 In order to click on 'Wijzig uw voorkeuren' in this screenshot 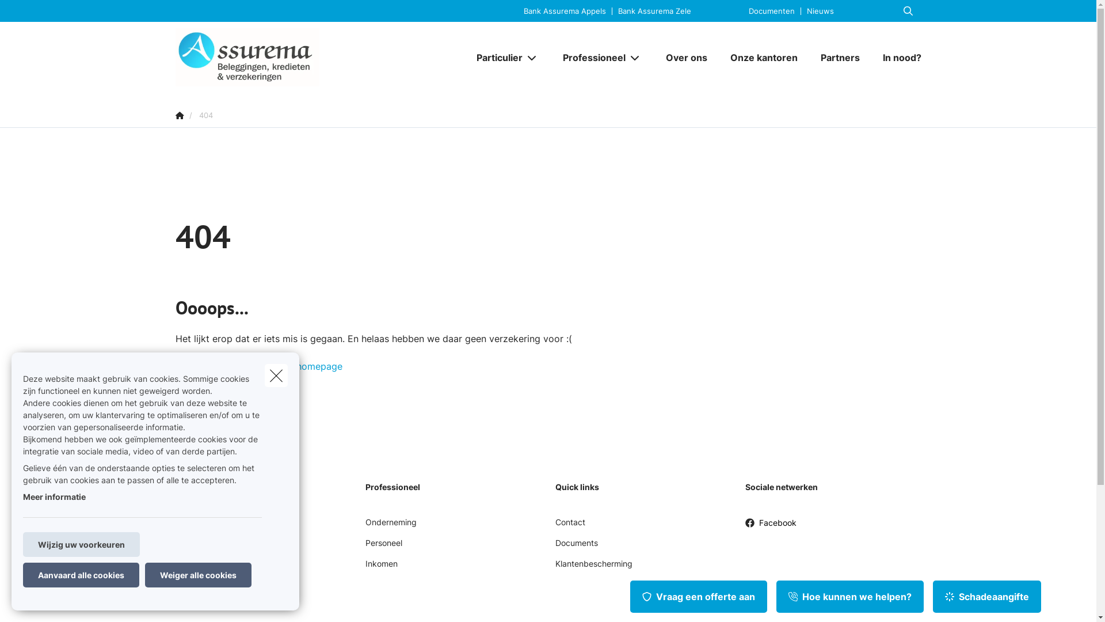, I will do `click(81, 544)`.